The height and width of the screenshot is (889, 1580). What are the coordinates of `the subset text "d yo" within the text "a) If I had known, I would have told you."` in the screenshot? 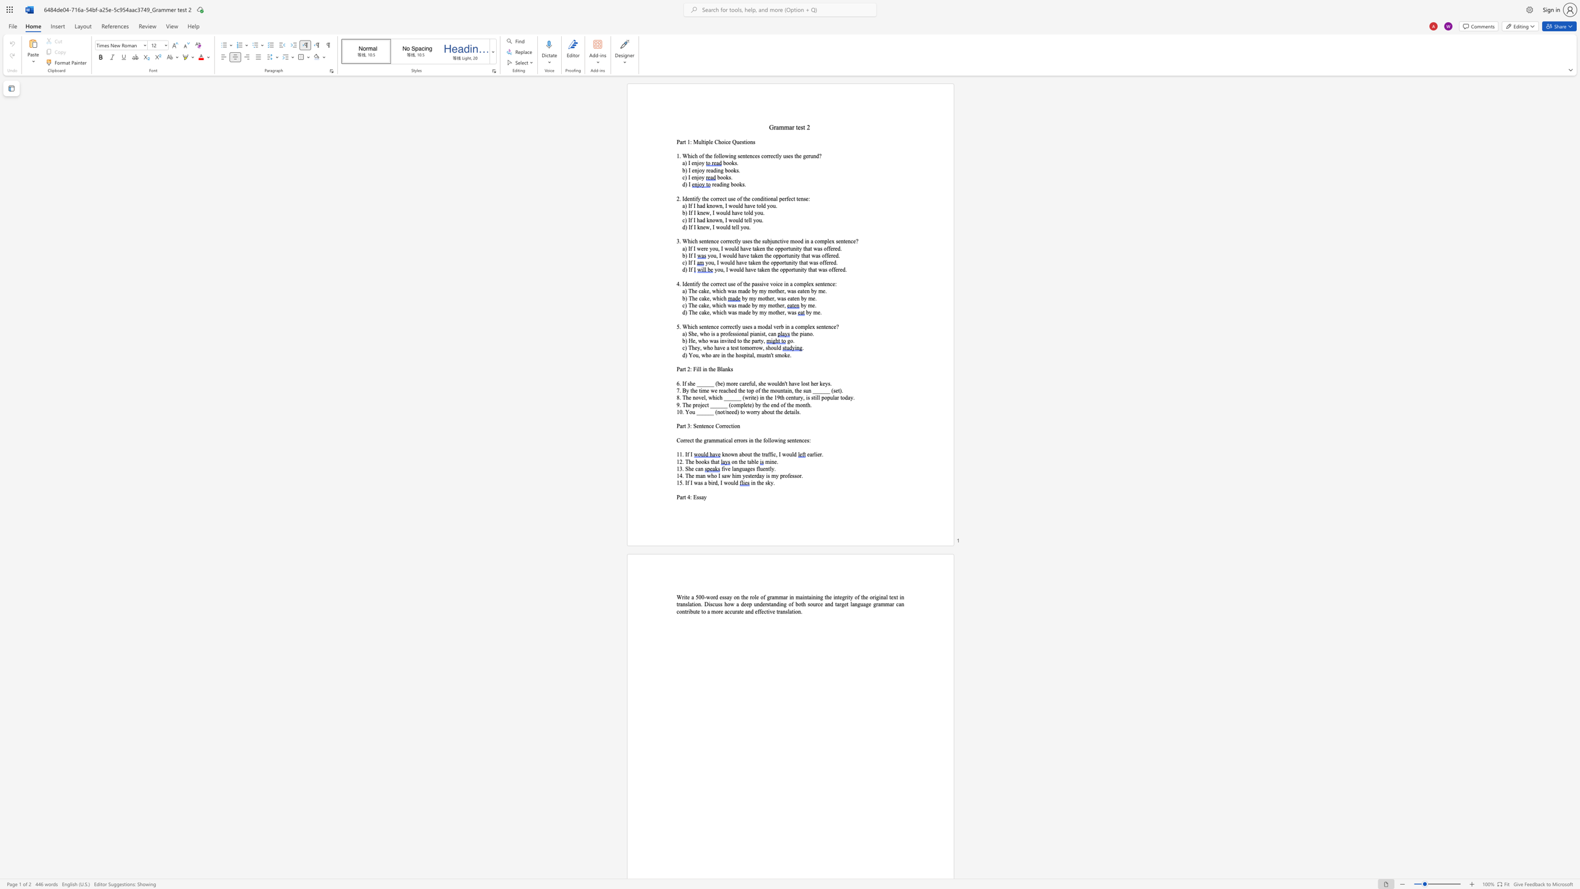 It's located at (762, 206).